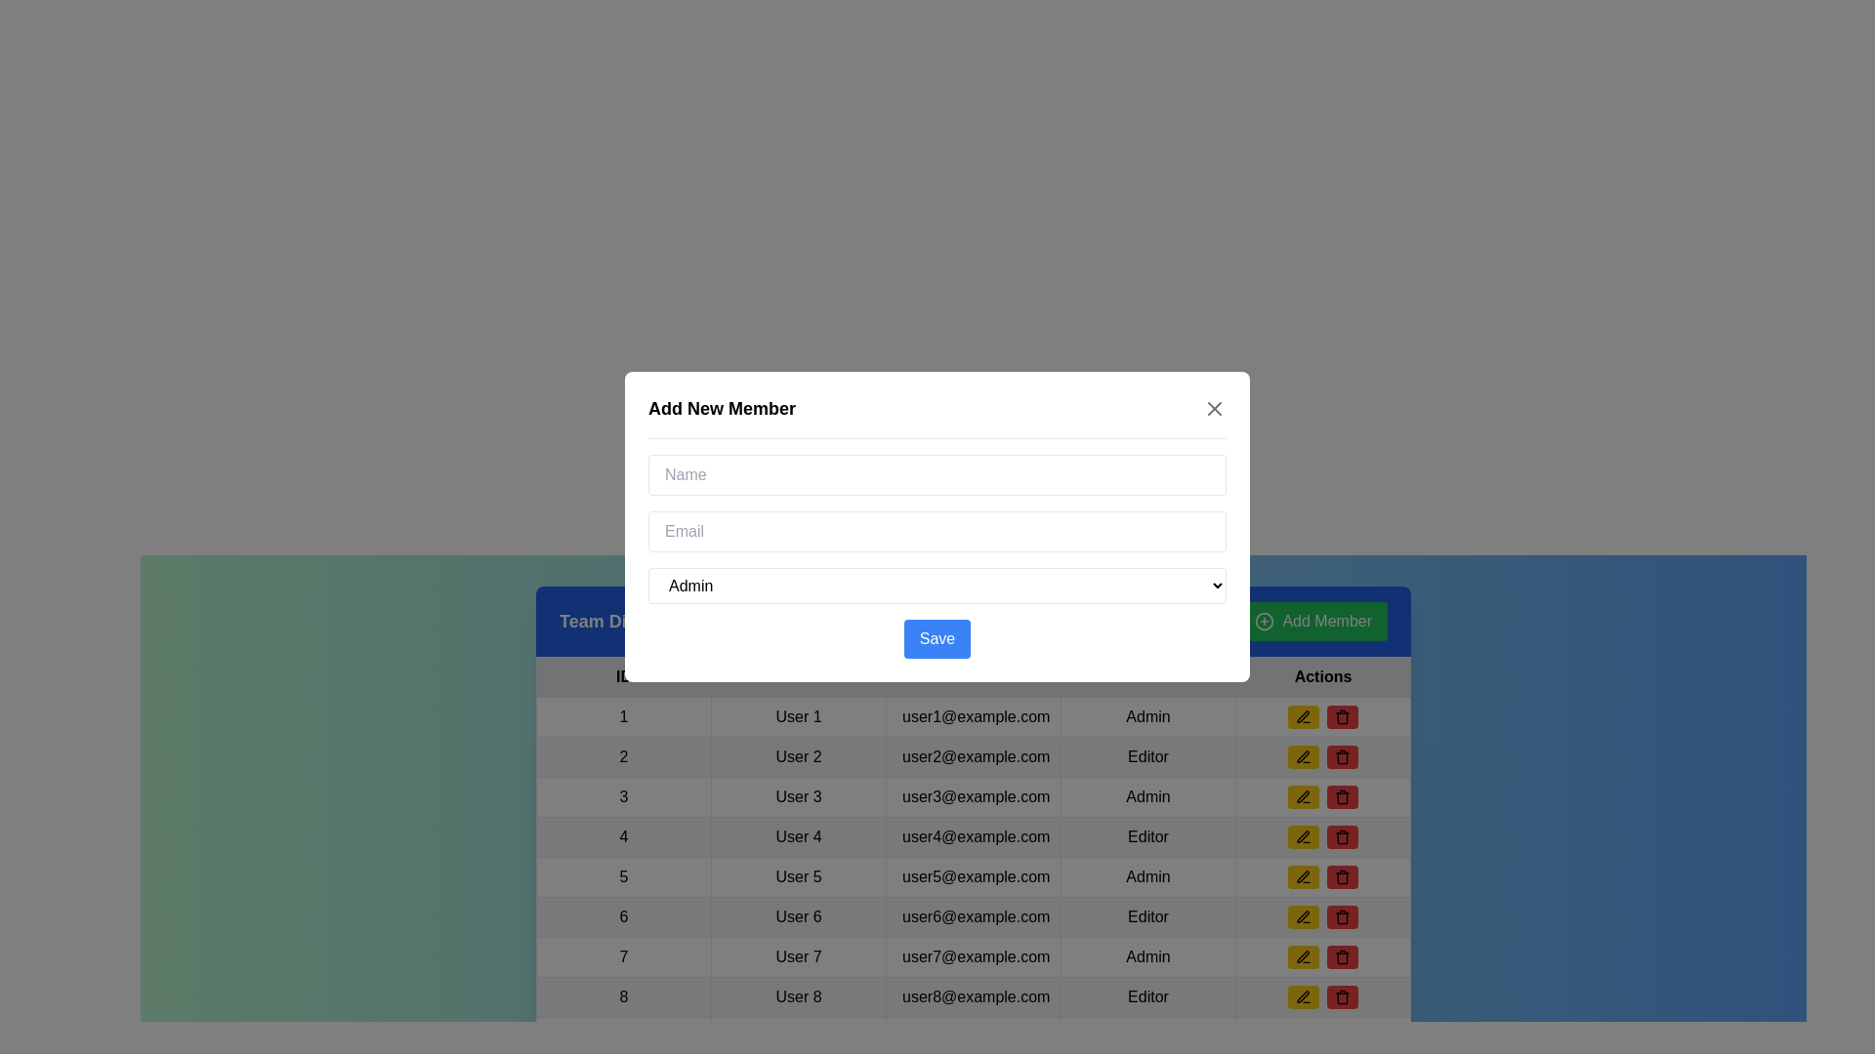 The width and height of the screenshot is (1875, 1054). I want to click on the pen icon located in the 'Actions' column of the sixth row to initiate editing the user data, so click(1303, 915).